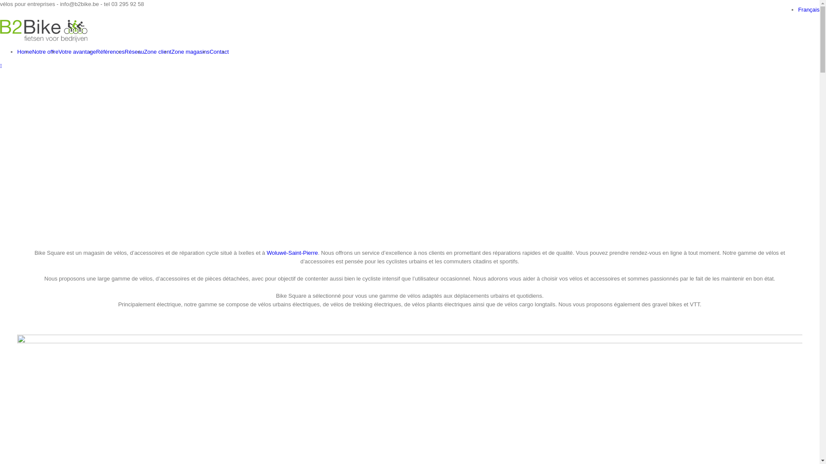 The height and width of the screenshot is (464, 826). I want to click on 'Zone magasins', so click(190, 52).